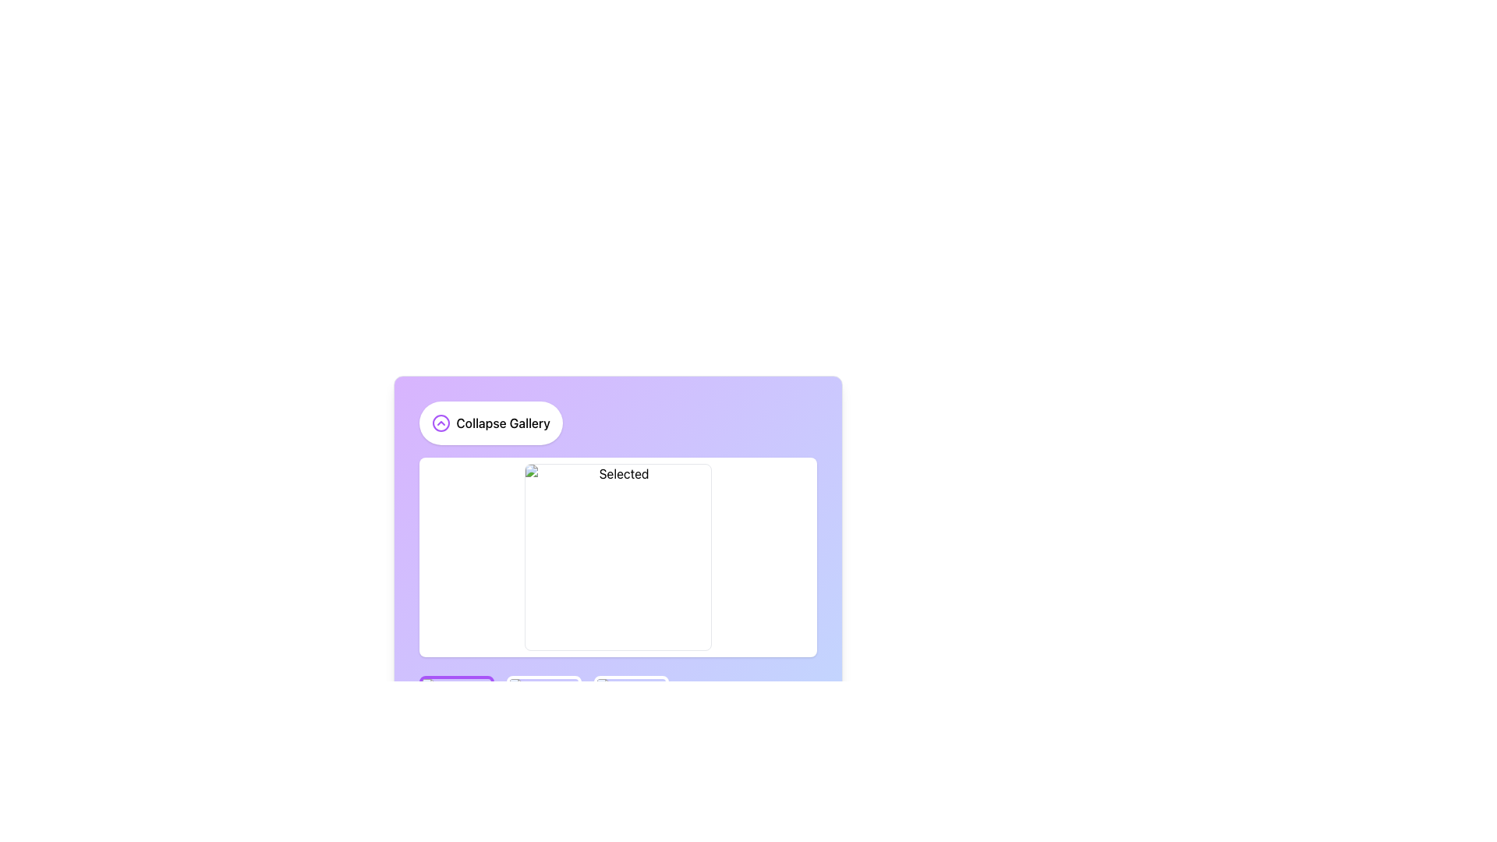 The height and width of the screenshot is (842, 1497). I want to click on the thumbnail image located in the bottom-left region of the purple-styled panel, so click(455, 713).